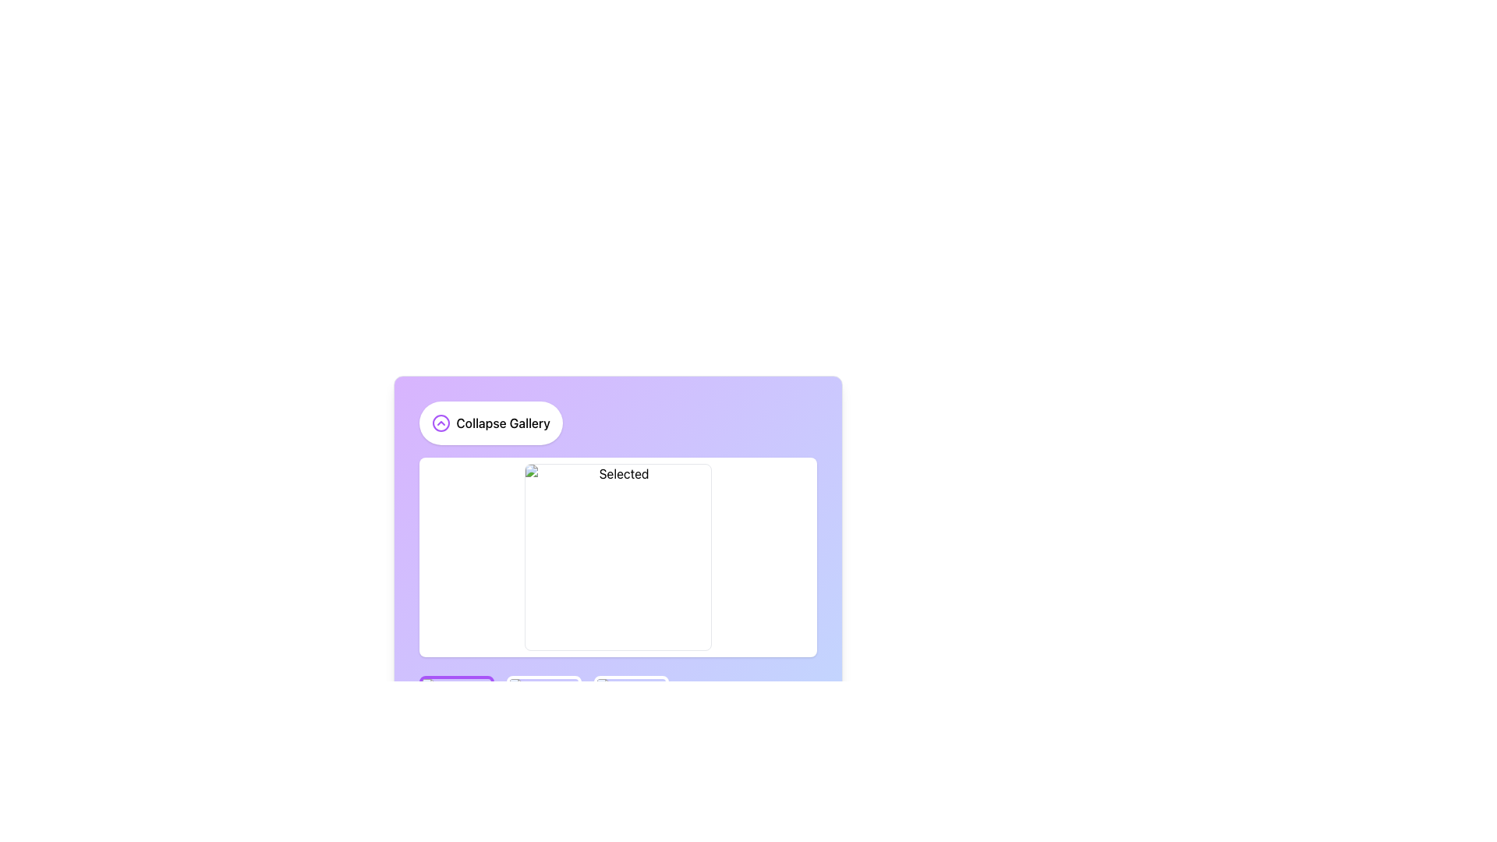 The height and width of the screenshot is (842, 1497). I want to click on the thumbnail image located in the bottom-left region of the purple-styled panel, so click(455, 713).